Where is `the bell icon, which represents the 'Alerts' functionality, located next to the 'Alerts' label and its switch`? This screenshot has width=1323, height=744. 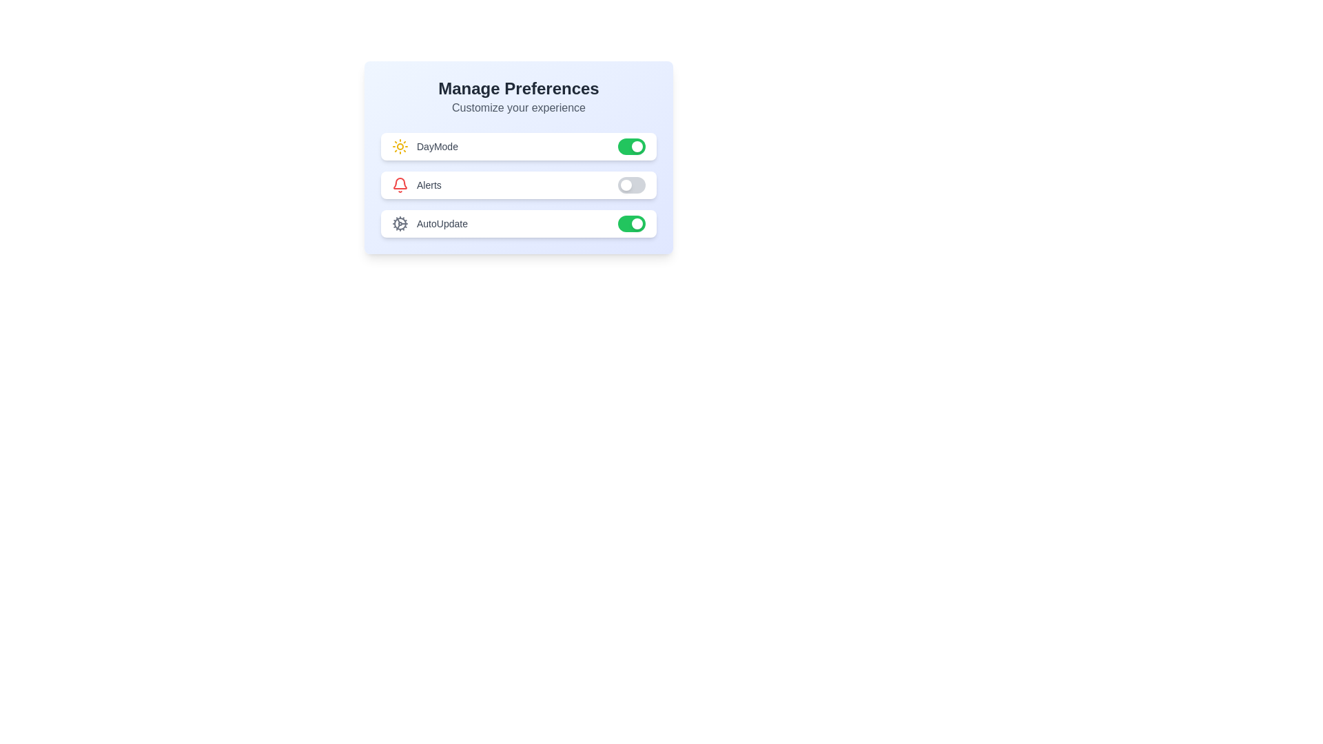 the bell icon, which represents the 'Alerts' functionality, located next to the 'Alerts' label and its switch is located at coordinates (399, 183).